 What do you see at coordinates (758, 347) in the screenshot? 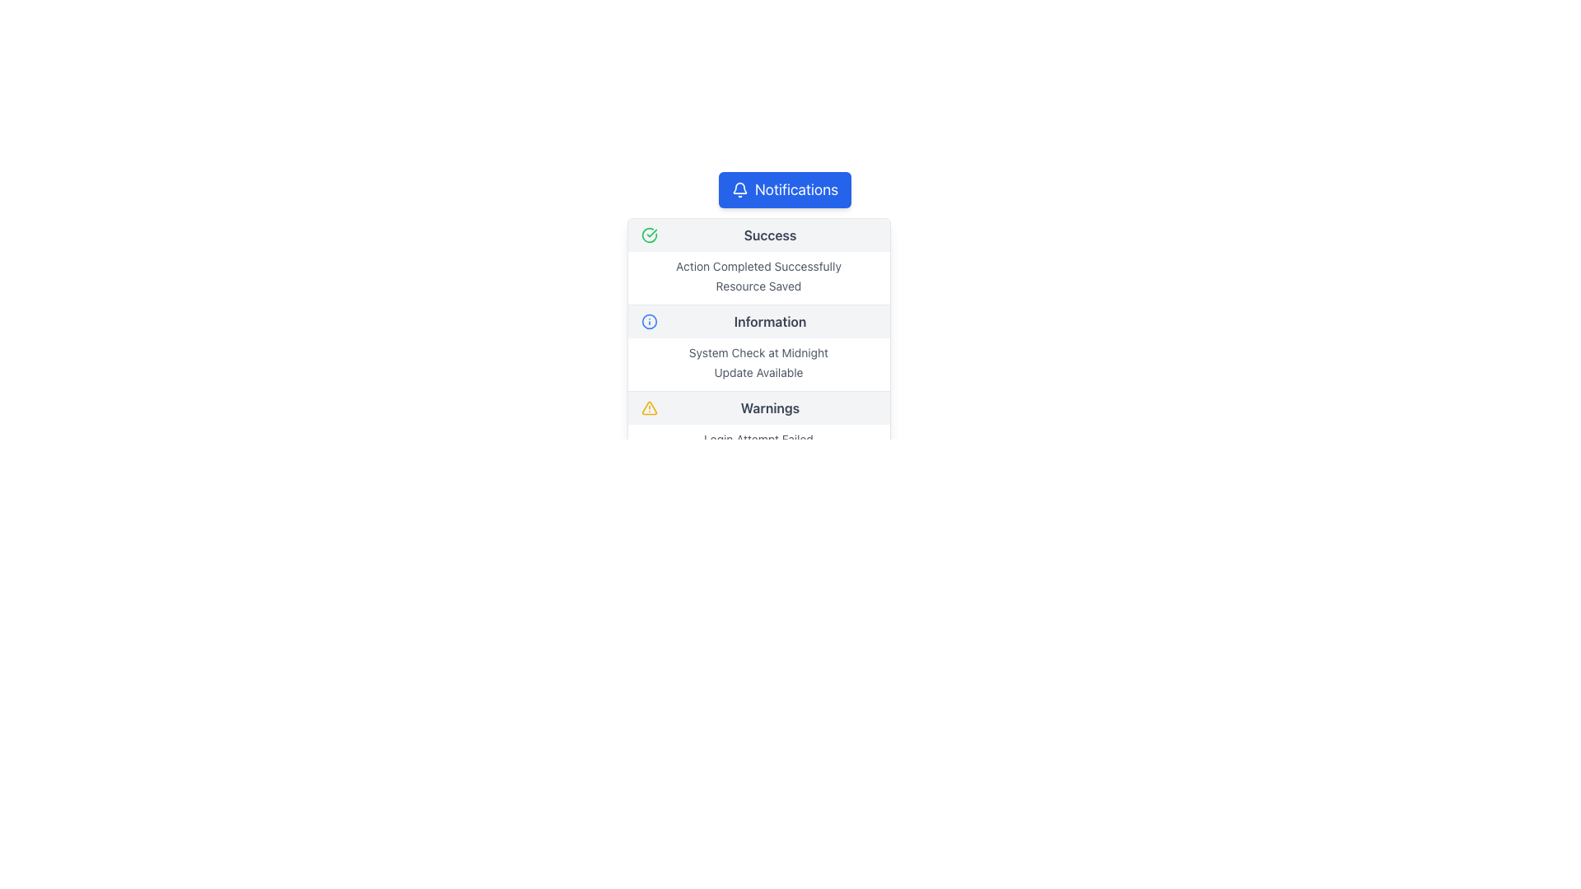
I see `details of the second notification entry titled 'Information' which contains the messages 'System Check at Midnight' and 'Update Available'` at bounding box center [758, 347].